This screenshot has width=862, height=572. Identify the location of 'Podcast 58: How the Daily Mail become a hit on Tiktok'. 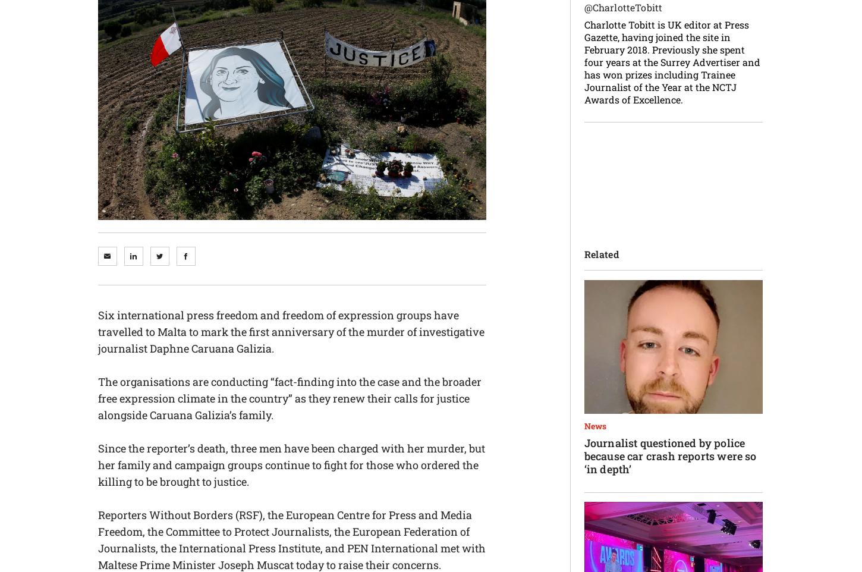
(672, 343).